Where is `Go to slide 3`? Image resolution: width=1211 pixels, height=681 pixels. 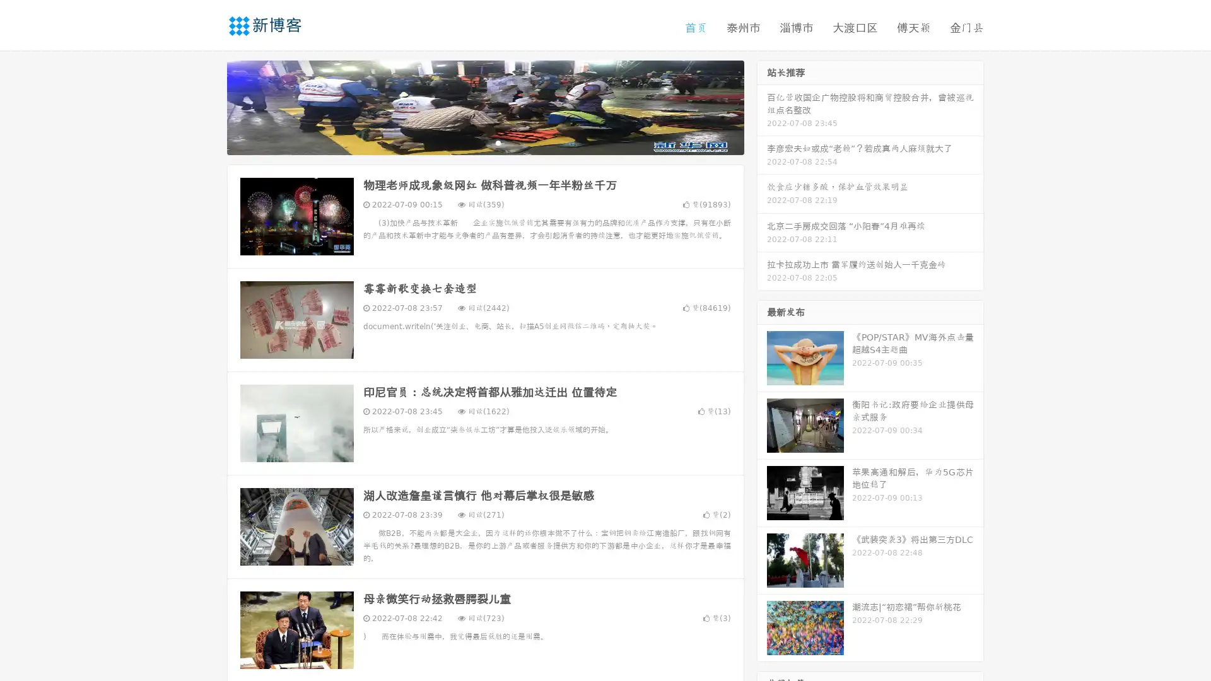 Go to slide 3 is located at coordinates (498, 142).